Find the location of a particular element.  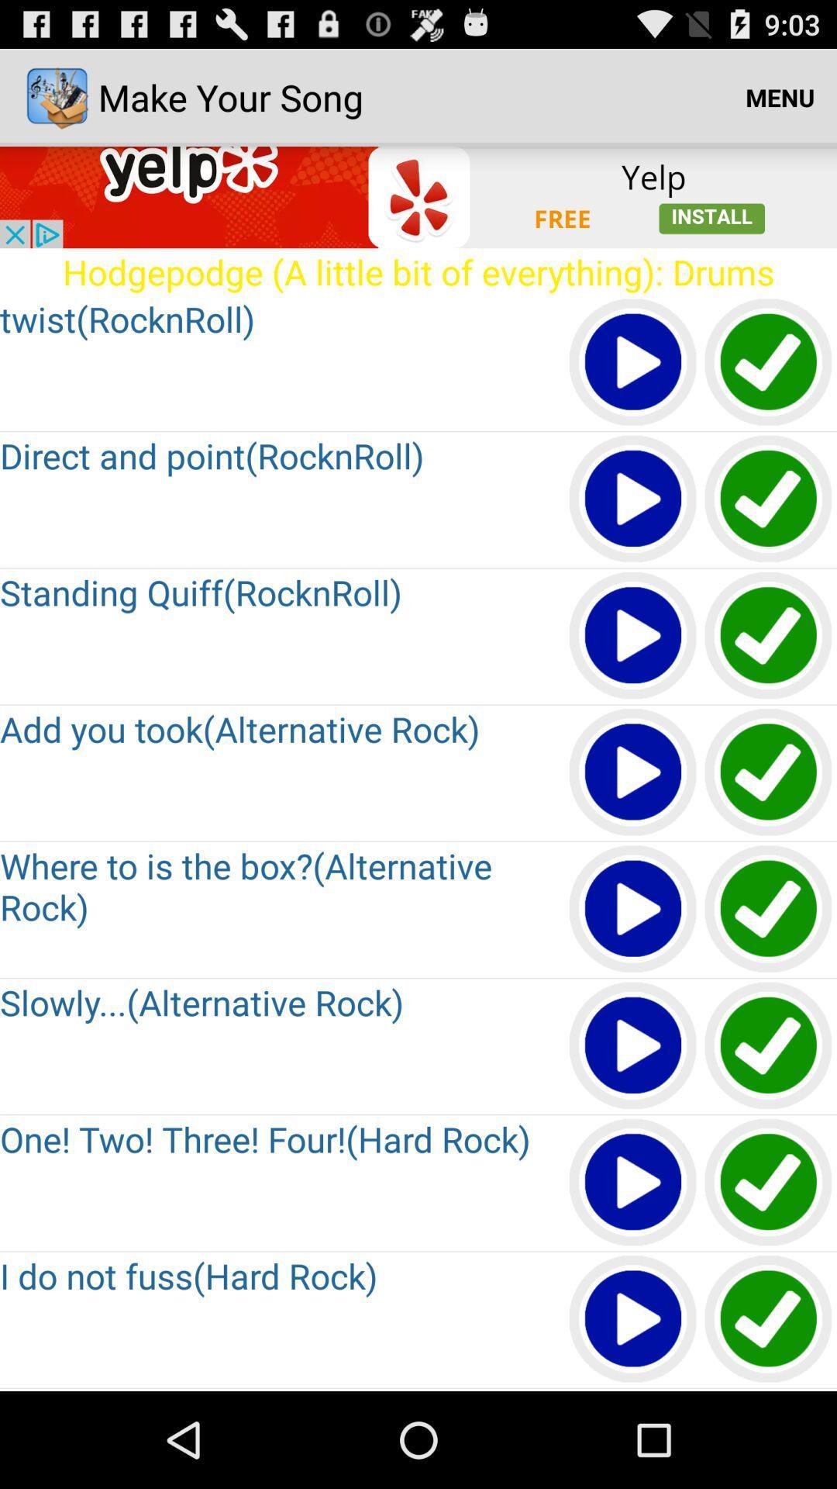

check the song is located at coordinates (769, 773).